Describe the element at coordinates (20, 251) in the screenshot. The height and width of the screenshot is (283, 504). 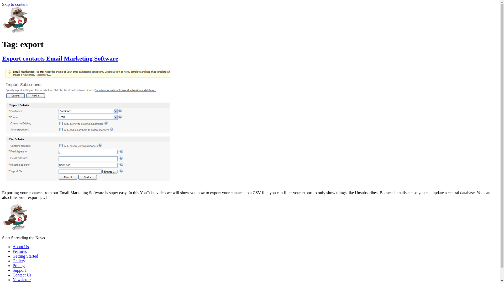
I see `'Features'` at that location.